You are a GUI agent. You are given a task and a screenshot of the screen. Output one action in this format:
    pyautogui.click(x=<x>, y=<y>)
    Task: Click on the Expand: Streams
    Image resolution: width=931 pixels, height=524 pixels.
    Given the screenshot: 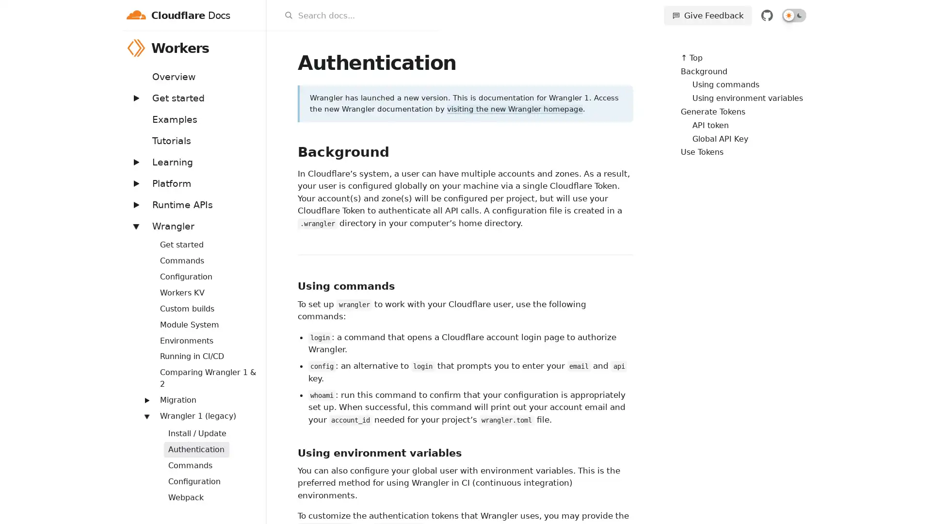 What is the action you would take?
    pyautogui.click(x=141, y=447)
    